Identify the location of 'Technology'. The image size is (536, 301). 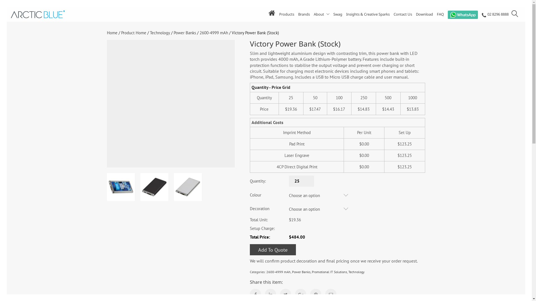
(159, 33).